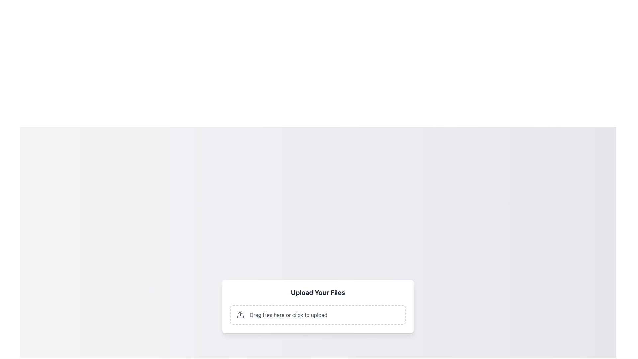  Describe the element at coordinates (317, 306) in the screenshot. I see `the File upload interface` at that location.